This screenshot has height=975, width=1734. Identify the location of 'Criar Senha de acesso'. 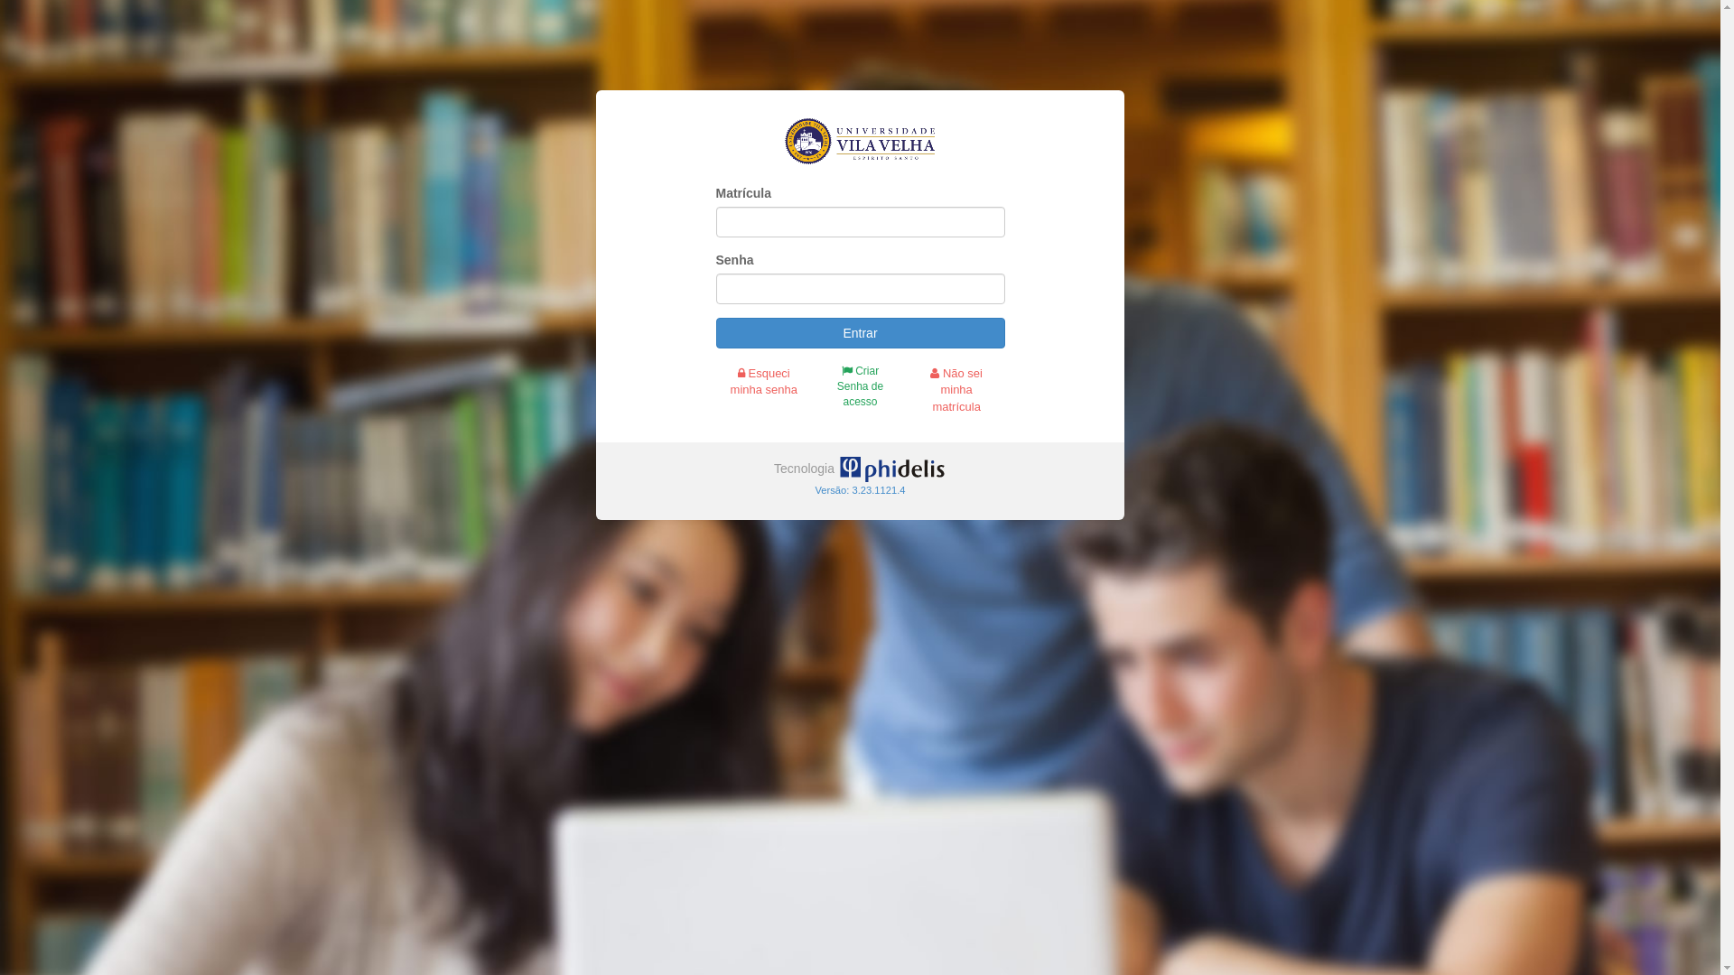
(859, 378).